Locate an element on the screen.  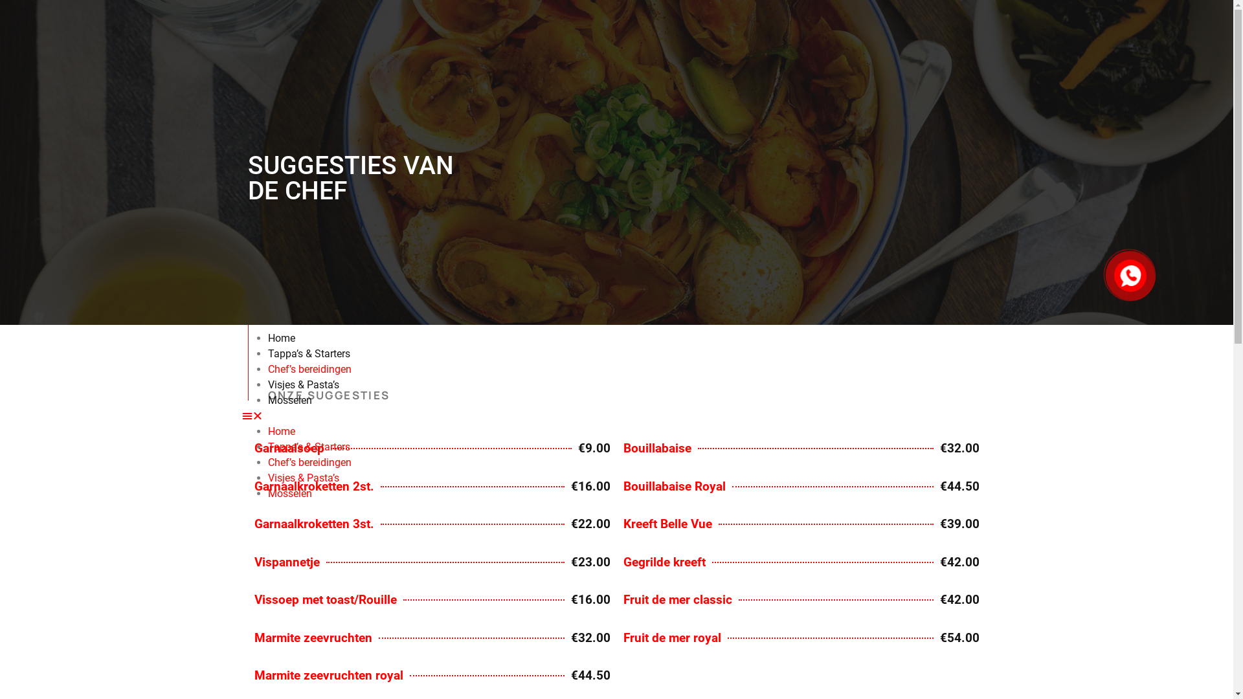
'Mosselen' is located at coordinates (289, 399).